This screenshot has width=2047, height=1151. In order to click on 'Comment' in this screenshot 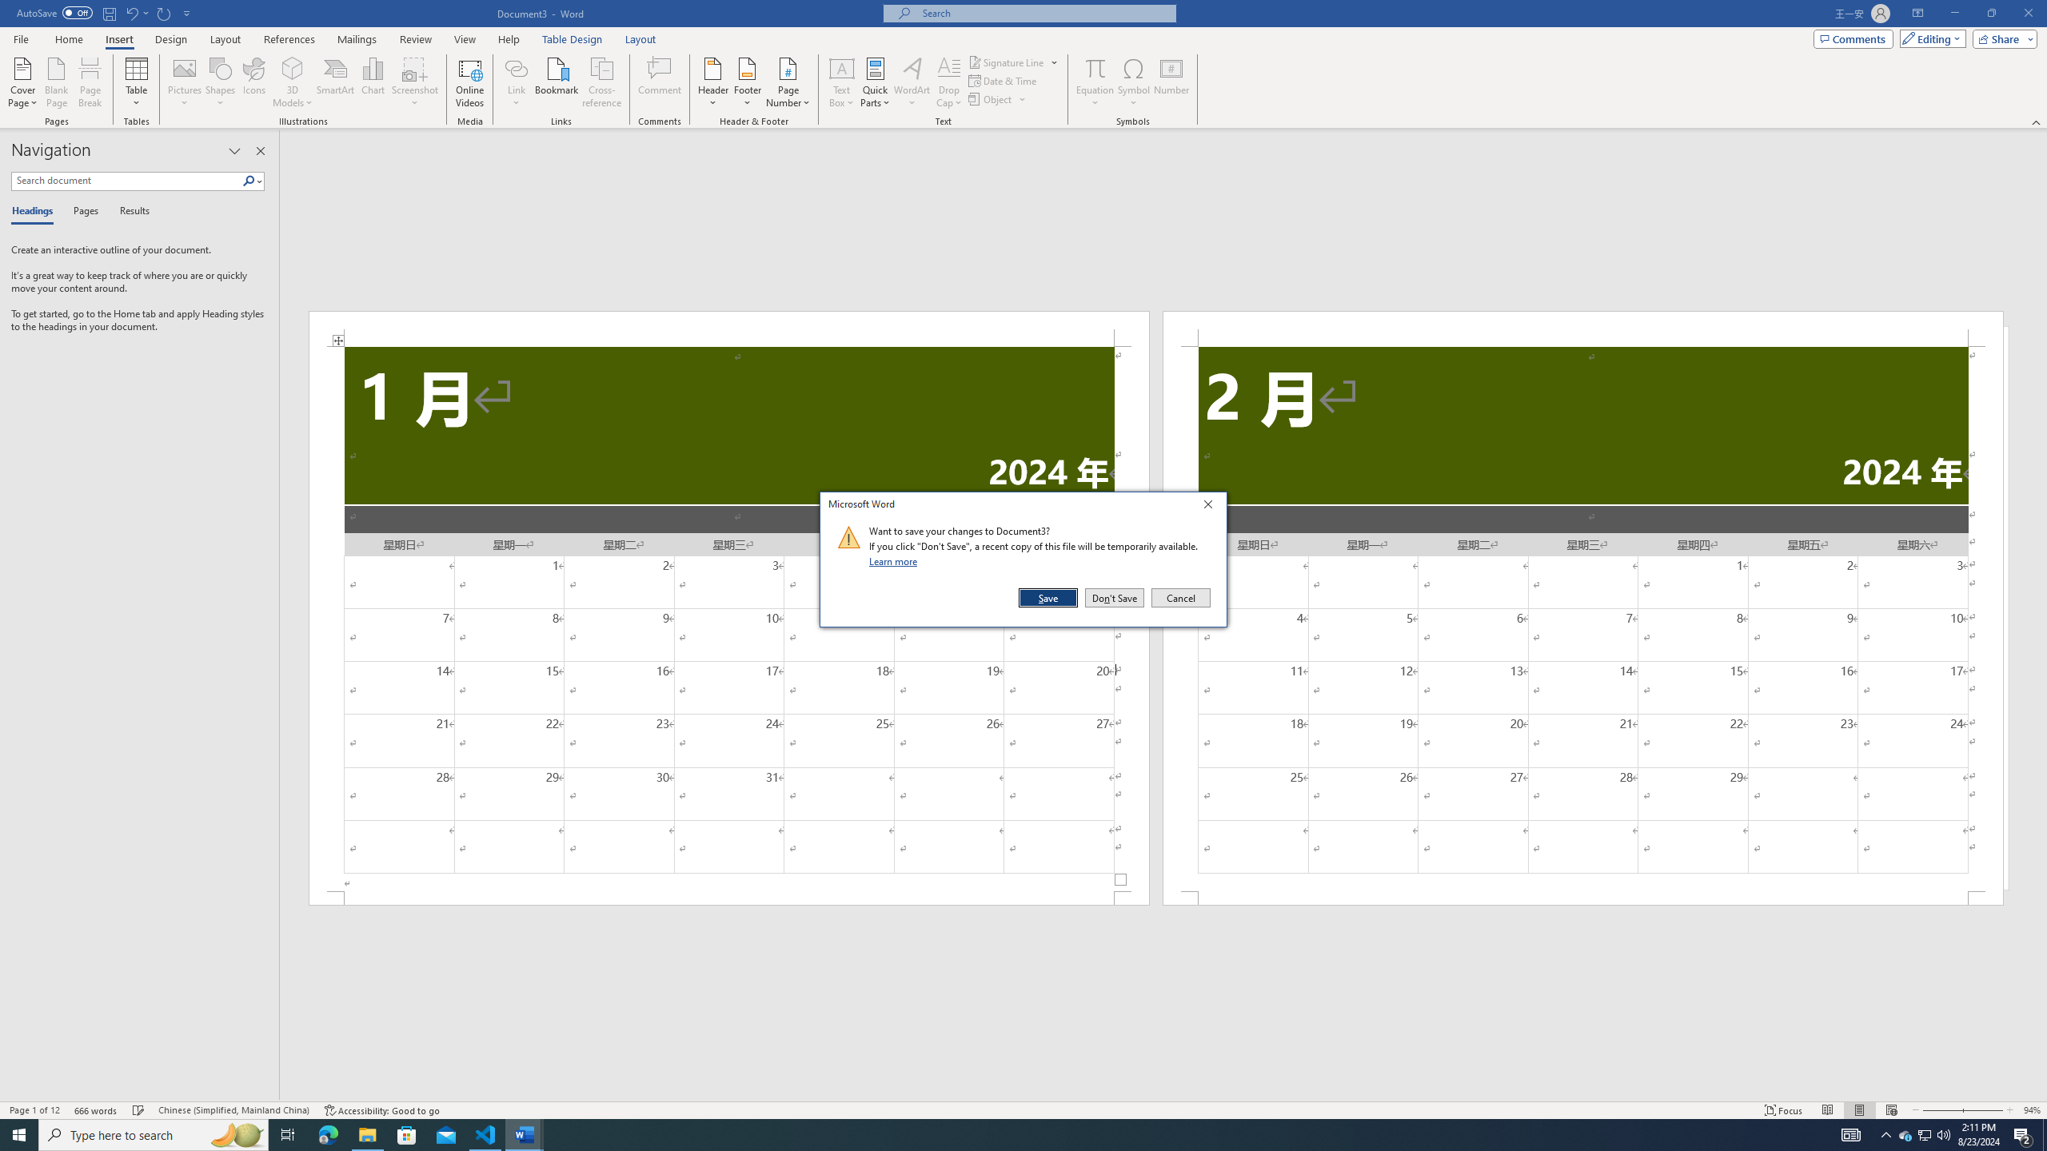, I will do `click(659, 82)`.